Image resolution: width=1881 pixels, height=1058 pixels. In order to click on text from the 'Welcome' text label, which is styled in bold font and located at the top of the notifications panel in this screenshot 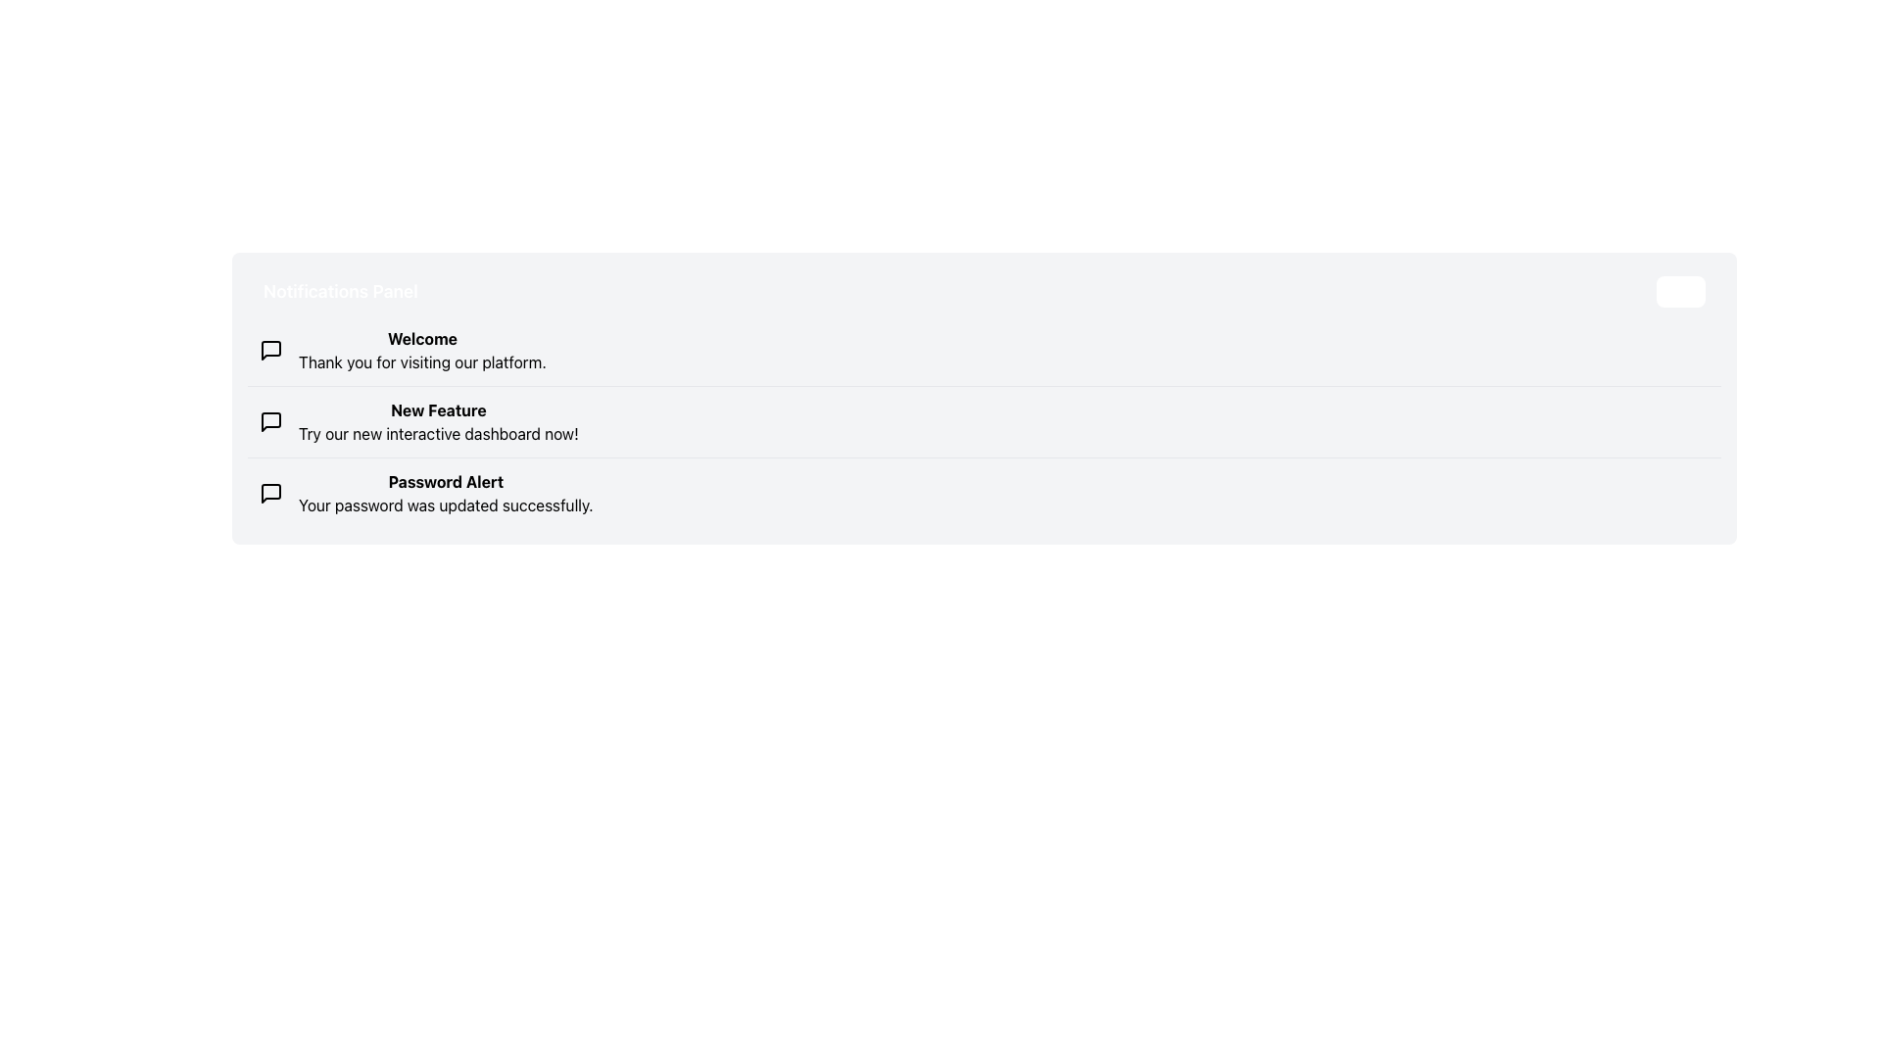, I will do `click(421, 338)`.